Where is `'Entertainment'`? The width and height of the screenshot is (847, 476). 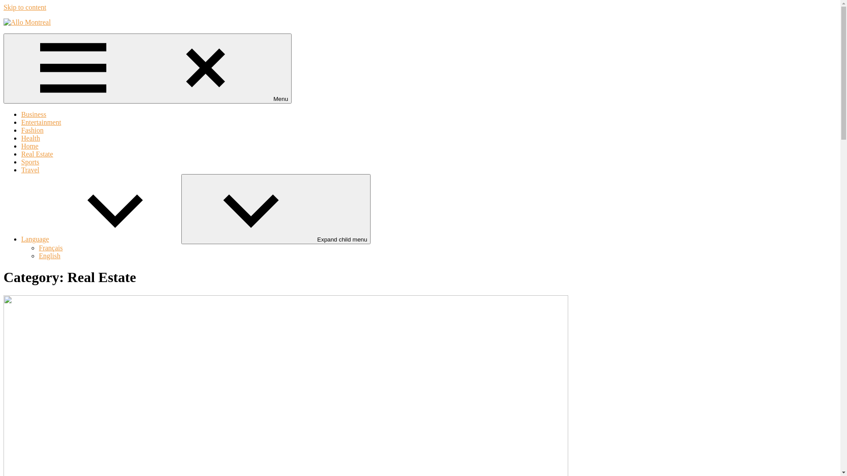
'Entertainment' is located at coordinates (41, 122).